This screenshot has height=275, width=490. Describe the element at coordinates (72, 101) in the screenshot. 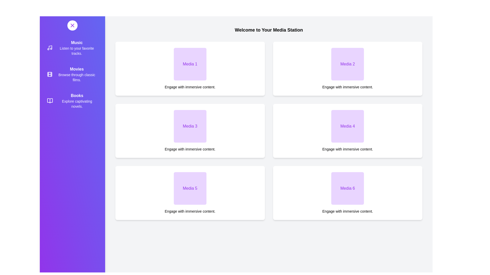

I see `the media category Books to view its description` at that location.